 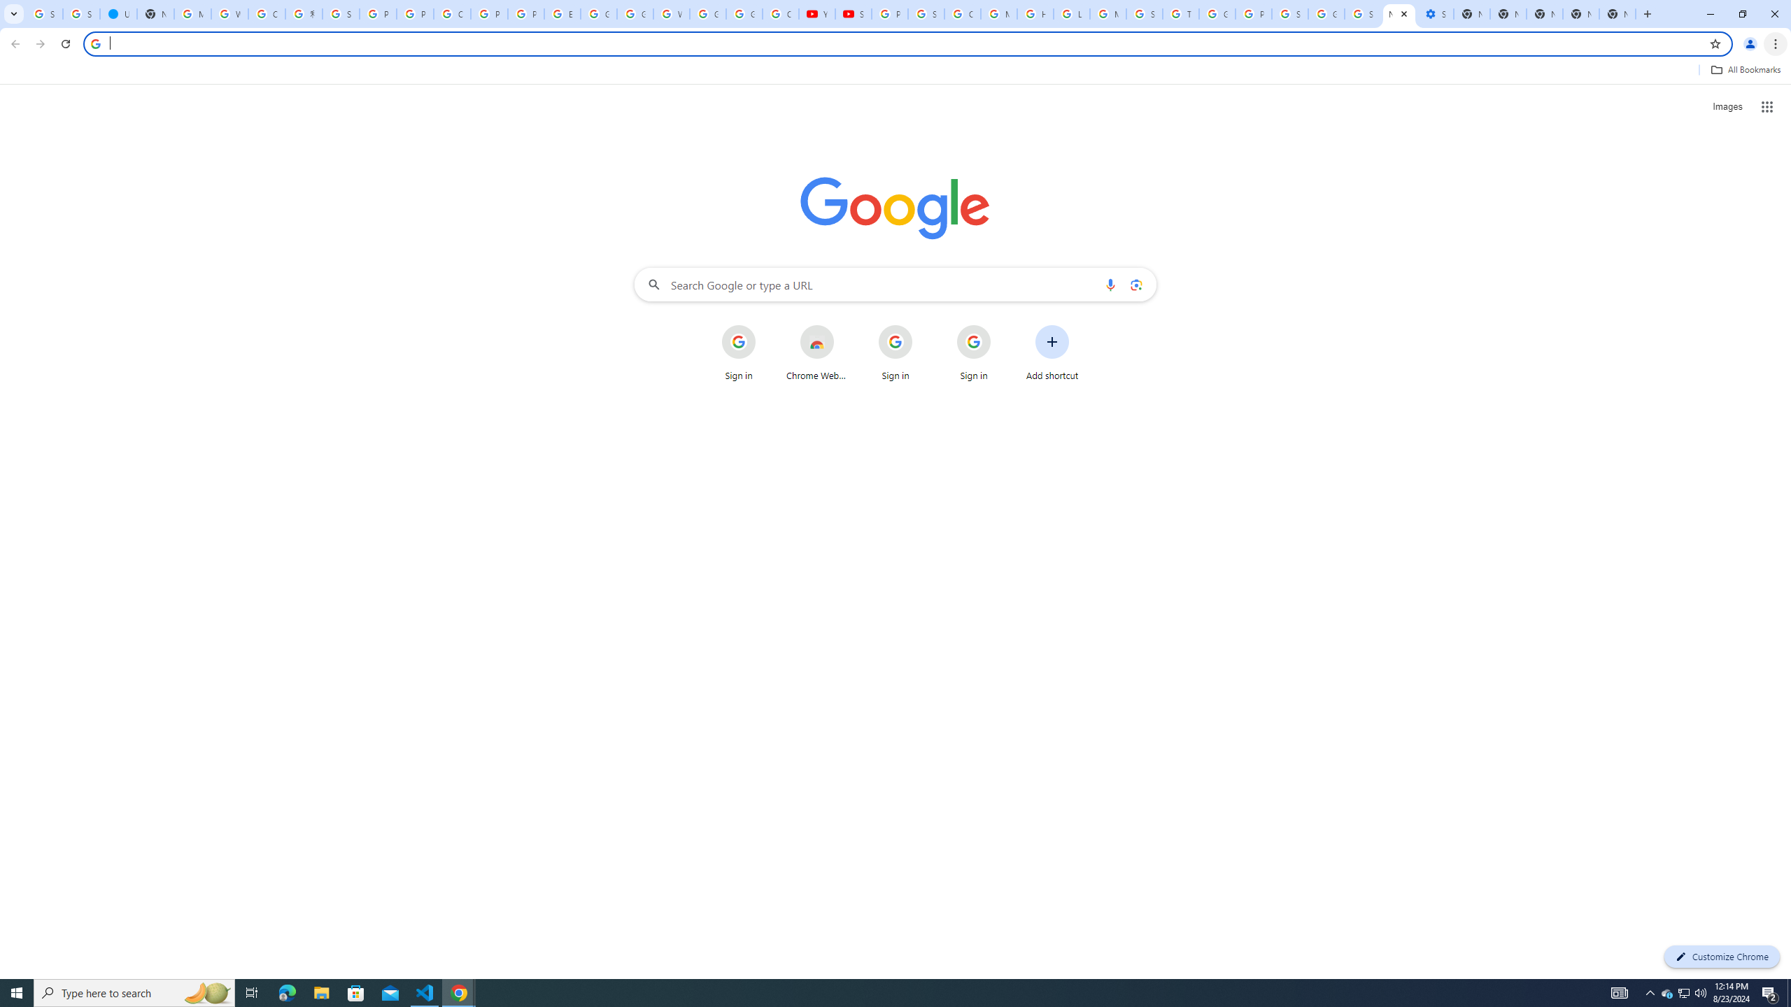 I want to click on 'Settings - Performance', so click(x=1434, y=13).